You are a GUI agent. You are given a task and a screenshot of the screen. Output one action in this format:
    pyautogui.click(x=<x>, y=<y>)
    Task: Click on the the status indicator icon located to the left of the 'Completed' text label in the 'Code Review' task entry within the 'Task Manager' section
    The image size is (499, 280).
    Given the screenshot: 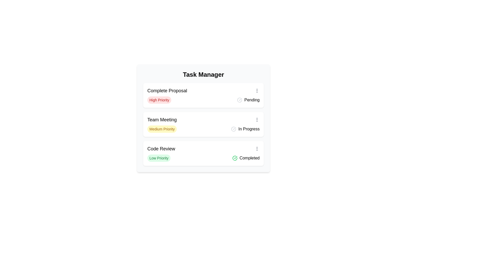 What is the action you would take?
    pyautogui.click(x=234, y=158)
    